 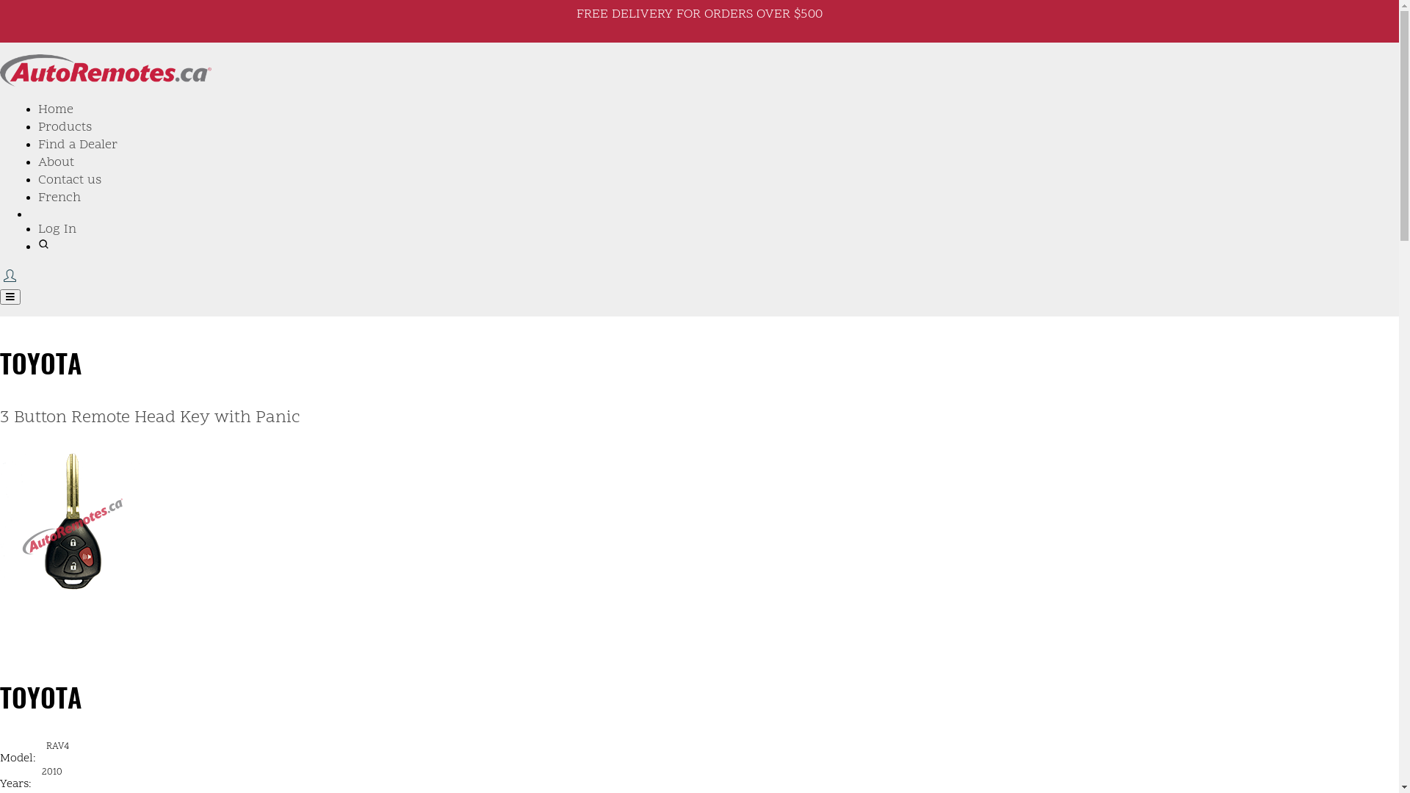 I want to click on 'Find a Dealer', so click(x=38, y=145).